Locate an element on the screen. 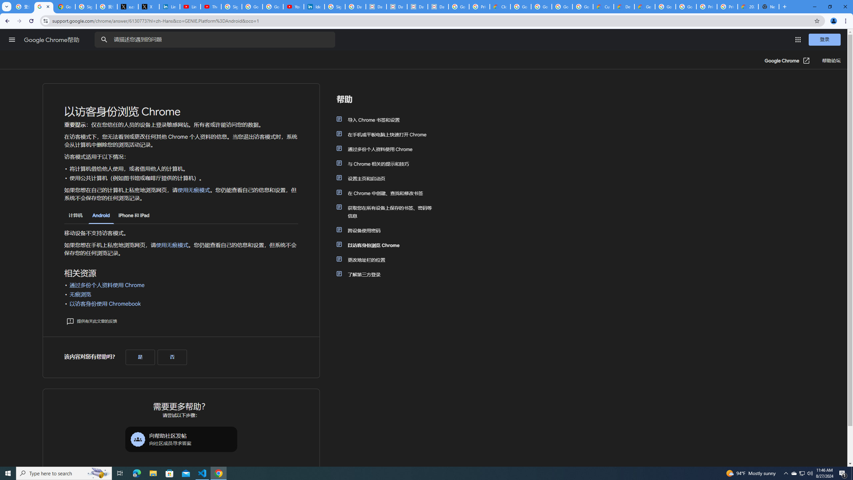  'New Tab' is located at coordinates (769, 6).